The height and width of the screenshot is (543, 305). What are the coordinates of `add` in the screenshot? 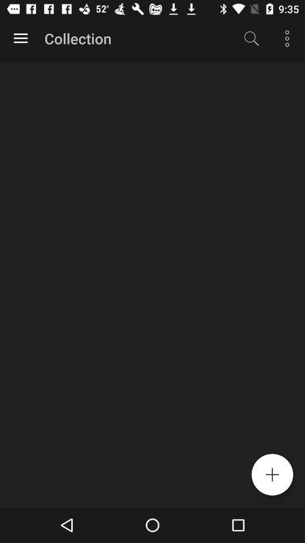 It's located at (272, 475).